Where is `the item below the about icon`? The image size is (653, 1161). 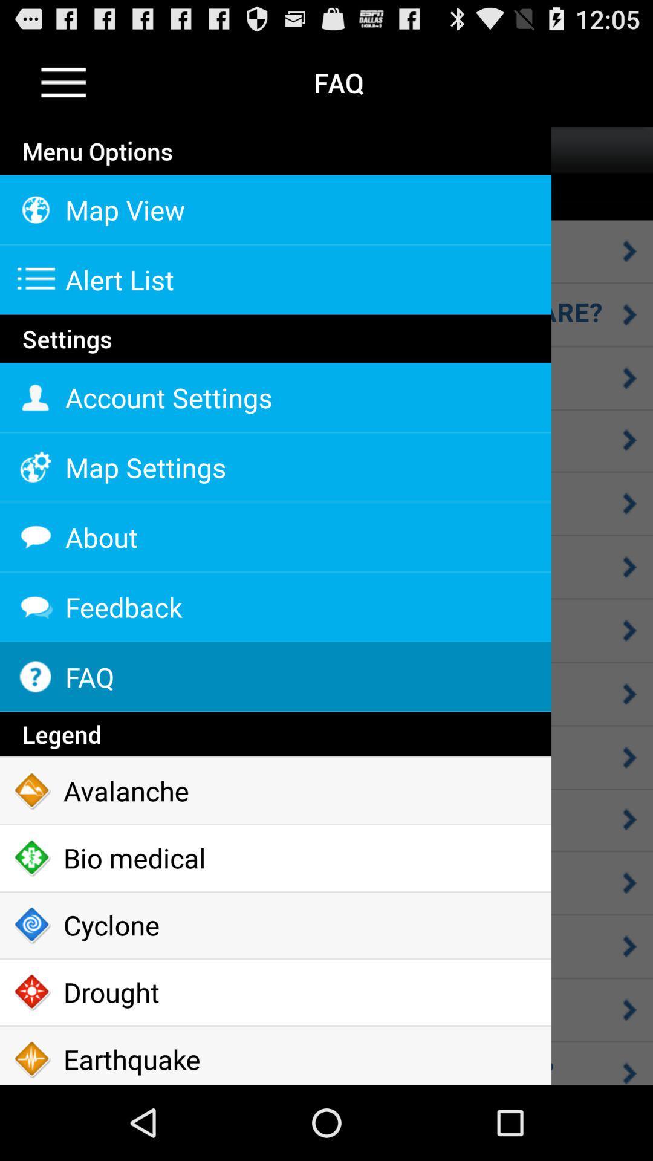 the item below the about icon is located at coordinates (275, 607).